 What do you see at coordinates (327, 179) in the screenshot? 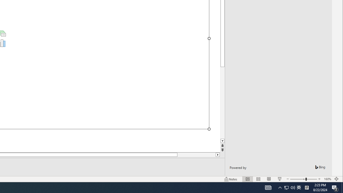
I see `'Zoom 160%'` at bounding box center [327, 179].